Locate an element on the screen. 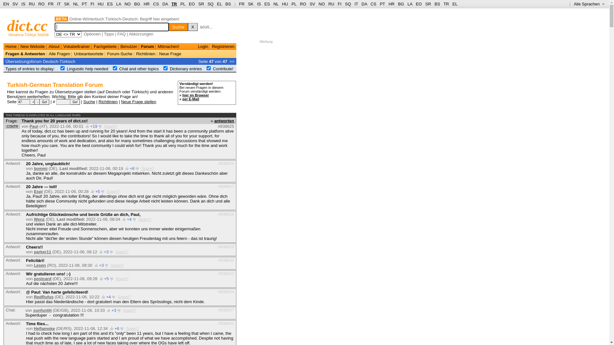 Image resolution: width=614 pixels, height=345 pixels. 'Unbeantwortete' is located at coordinates (88, 53).